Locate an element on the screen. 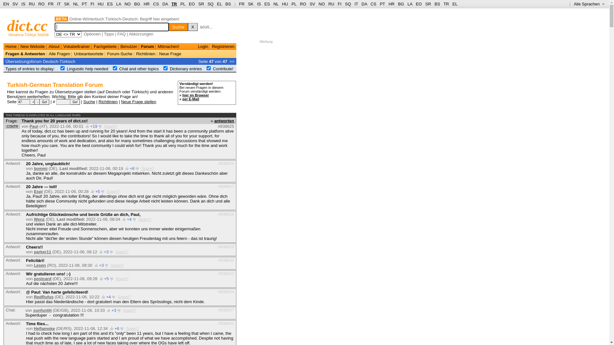 Image resolution: width=614 pixels, height=345 pixels. 'Unbeantwortete' is located at coordinates (88, 53).